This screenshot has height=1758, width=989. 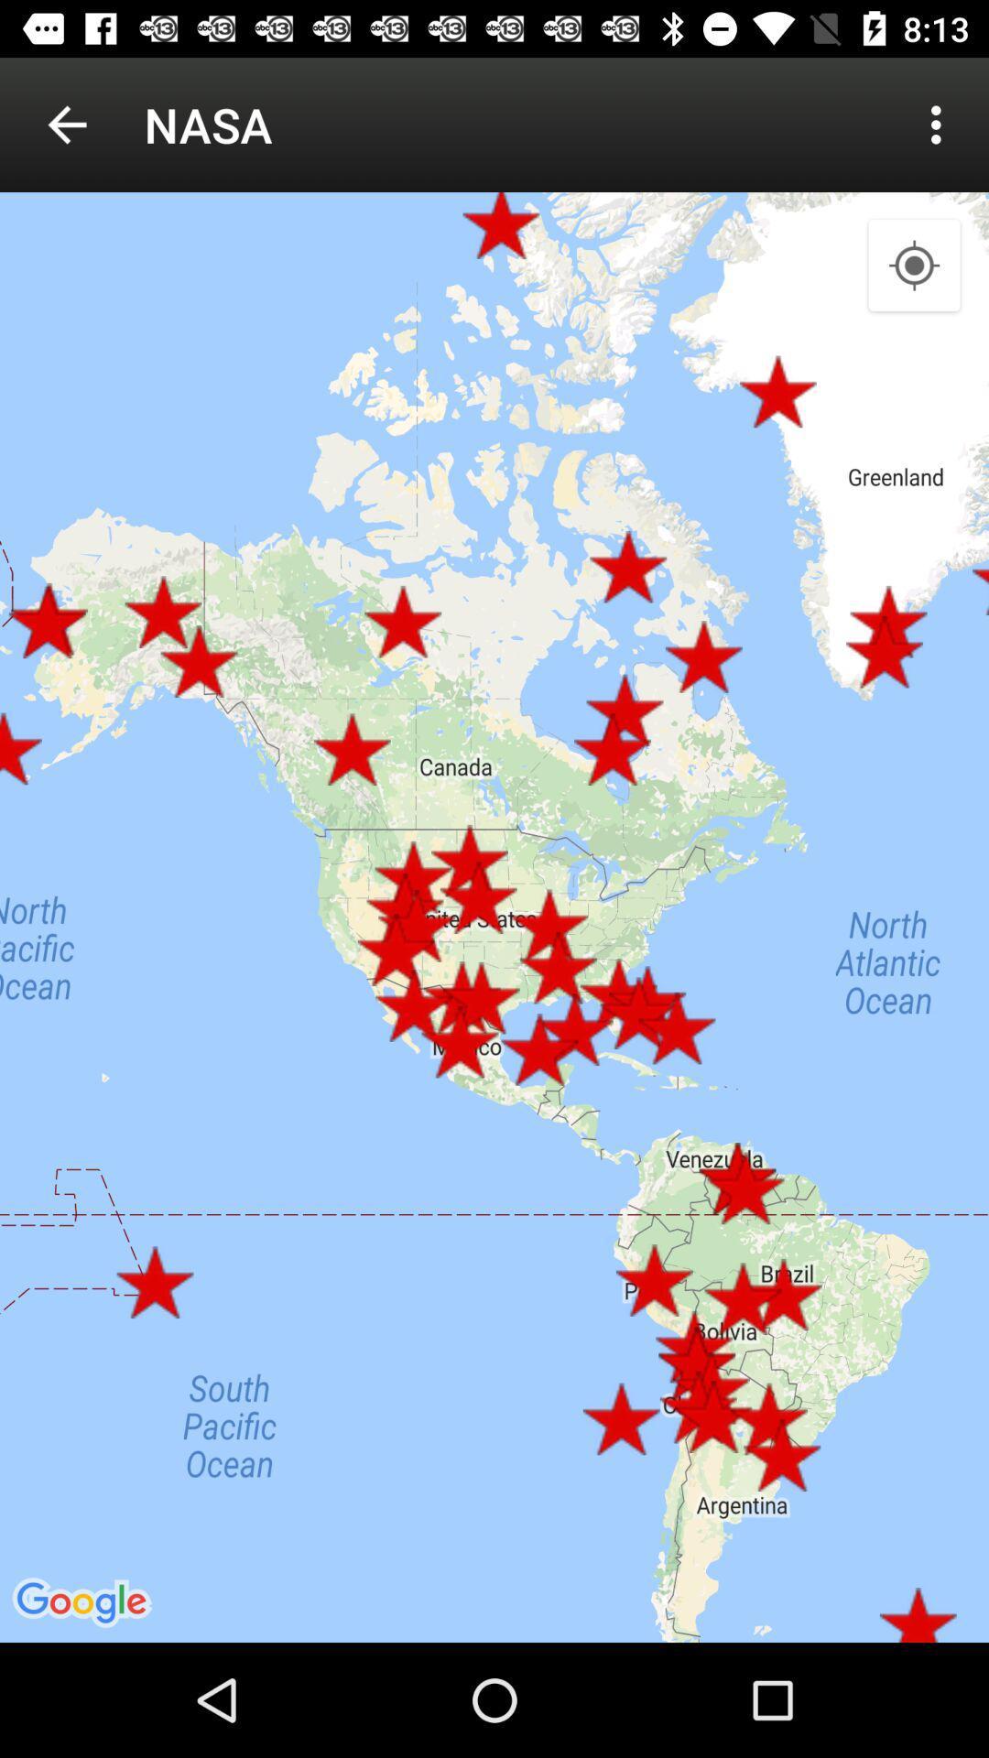 What do you see at coordinates (940, 124) in the screenshot?
I see `item to the right of nasa` at bounding box center [940, 124].